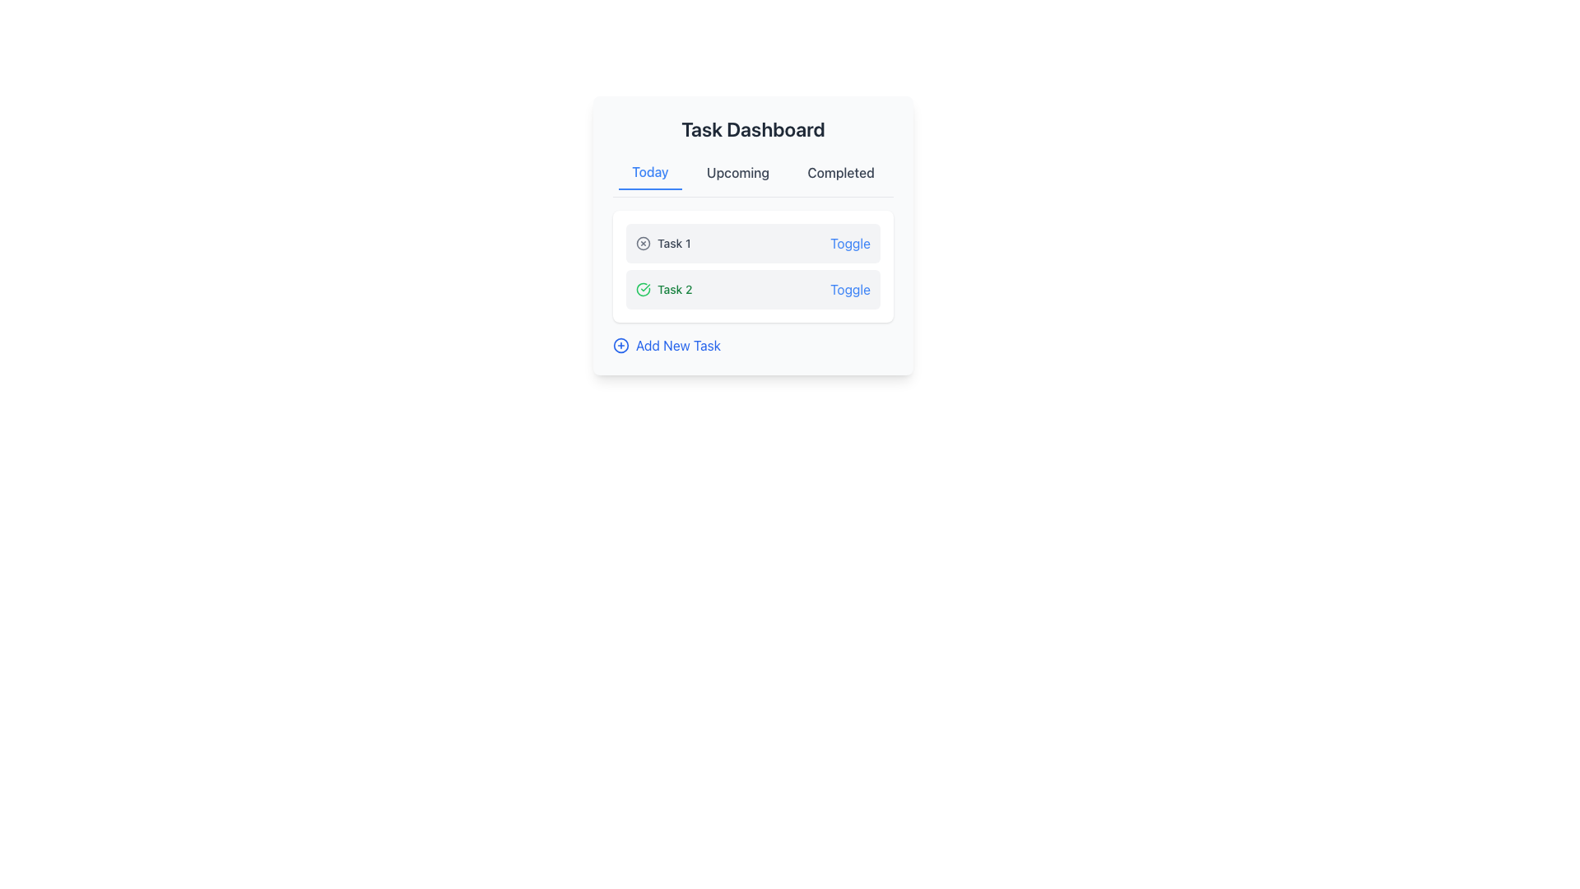 This screenshot has height=889, width=1580. What do you see at coordinates (849, 244) in the screenshot?
I see `the interactive toggle link located in the upper-right section of the light gray box for 'Task 1'` at bounding box center [849, 244].